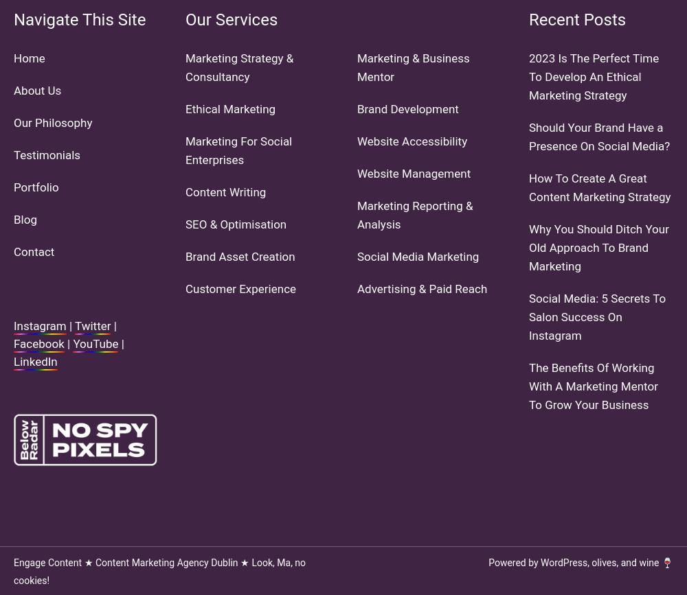  What do you see at coordinates (576, 19) in the screenshot?
I see `'Recent Posts'` at bounding box center [576, 19].